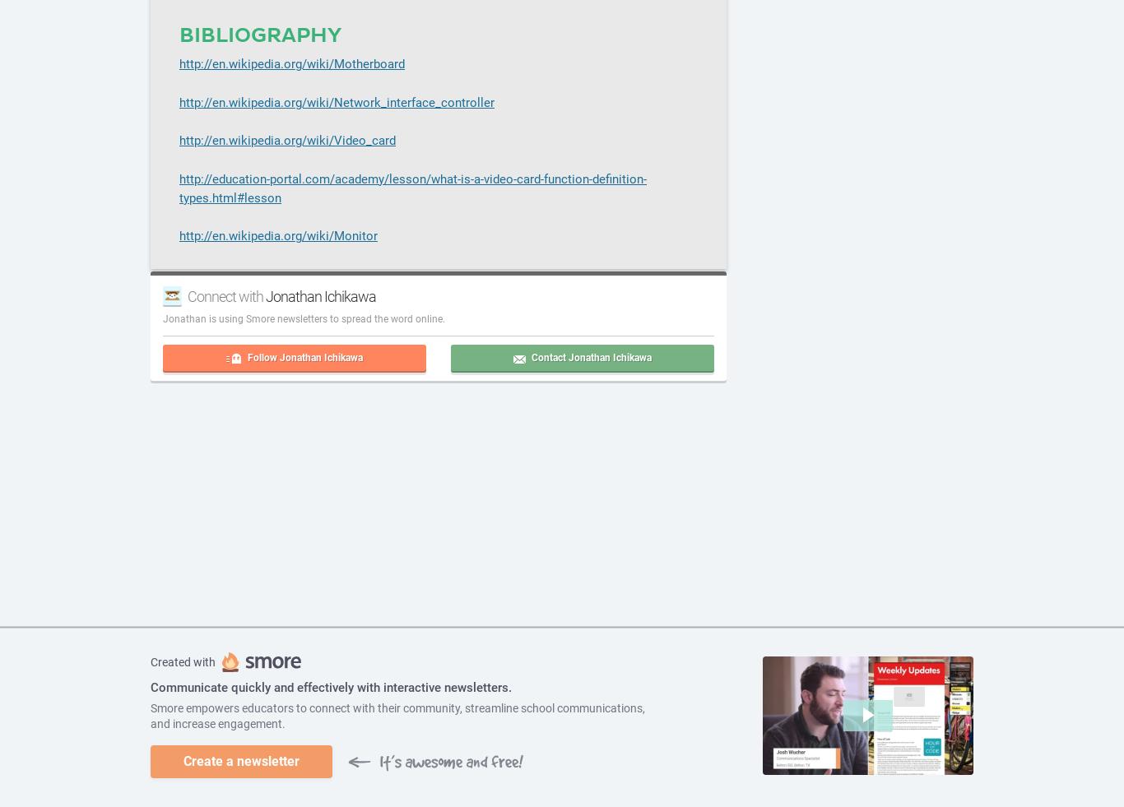 This screenshot has height=807, width=1124. What do you see at coordinates (304, 355) in the screenshot?
I see `'Follow Jonathan Ichikawa'` at bounding box center [304, 355].